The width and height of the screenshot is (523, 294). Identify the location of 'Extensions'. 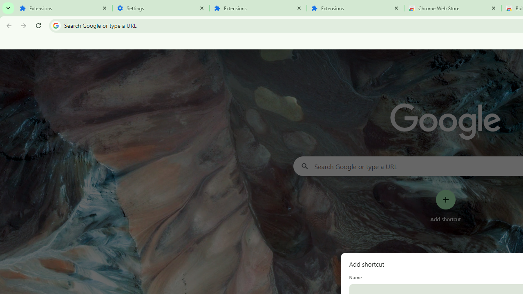
(63, 8).